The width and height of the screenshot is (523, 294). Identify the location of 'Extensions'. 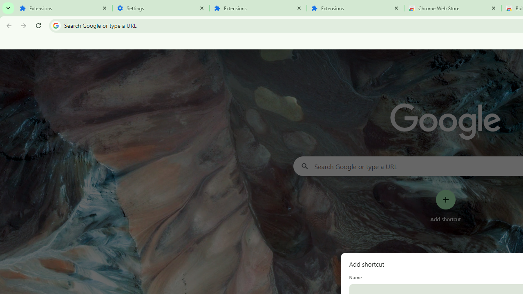
(63, 8).